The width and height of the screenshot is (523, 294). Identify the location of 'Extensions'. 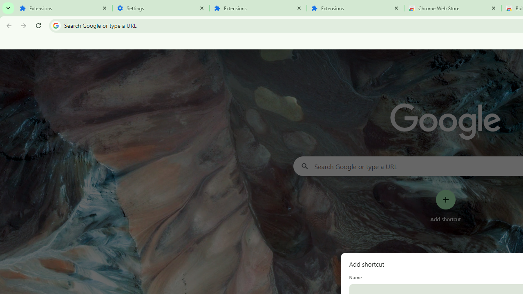
(63, 8).